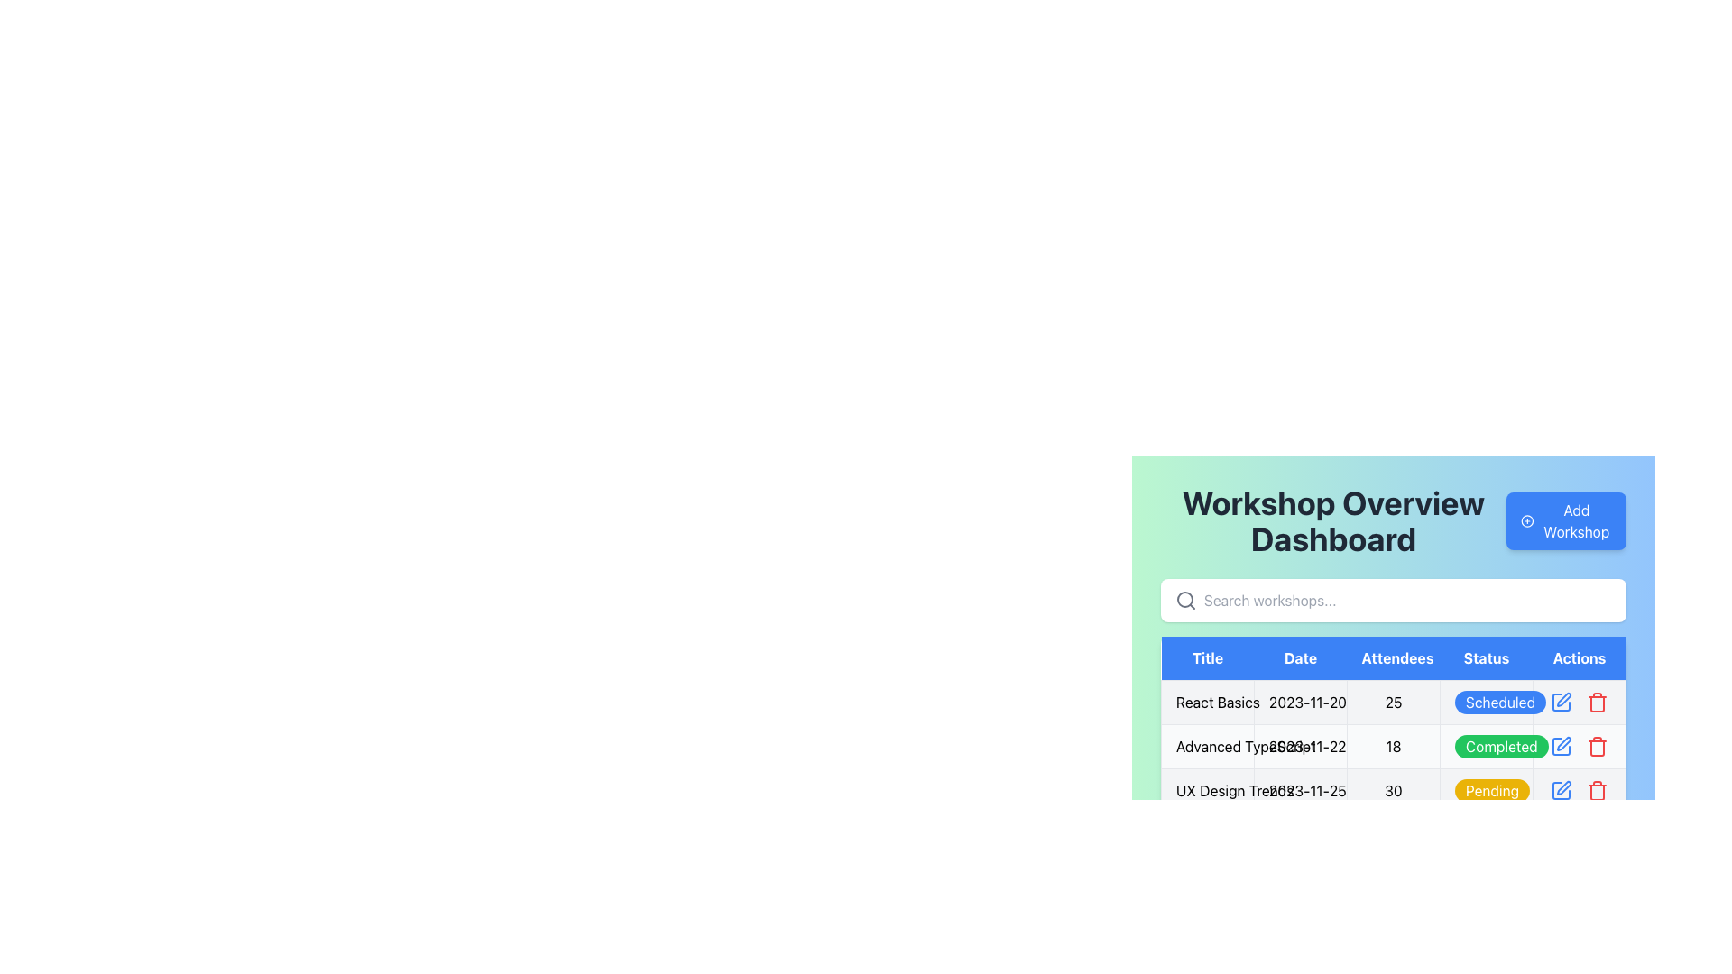  What do you see at coordinates (1562, 744) in the screenshot?
I see `the pen-like icon button located in the 'Actions' column of the second row of the table` at bounding box center [1562, 744].